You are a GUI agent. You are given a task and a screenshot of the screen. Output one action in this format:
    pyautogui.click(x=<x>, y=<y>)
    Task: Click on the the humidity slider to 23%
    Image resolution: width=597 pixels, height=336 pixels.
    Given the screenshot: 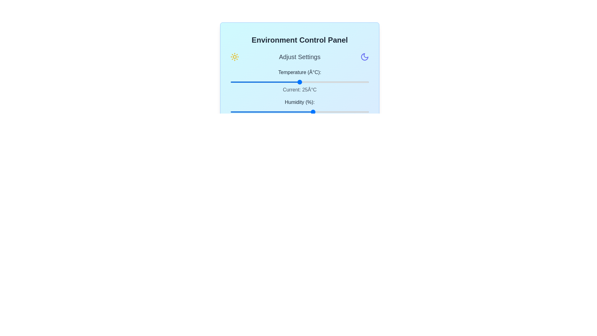 What is the action you would take?
    pyautogui.click(x=262, y=111)
    